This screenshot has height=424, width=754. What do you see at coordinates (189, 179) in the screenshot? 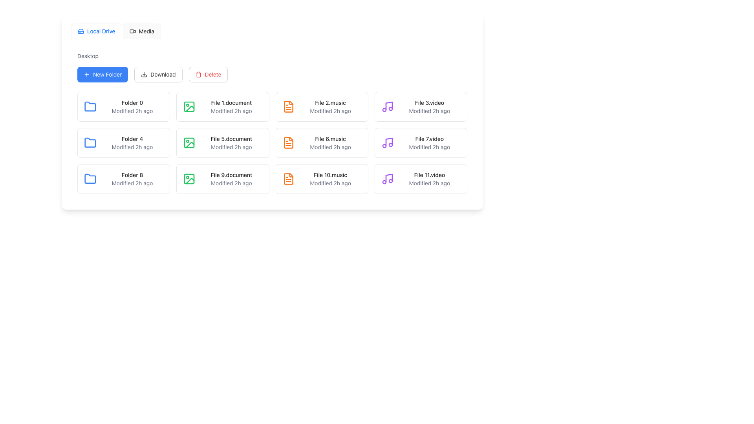
I see `the decorative graphic element, a rectangle with rounded edges, that is part of the SVG icon associated with 'File 9.document', located in the second row and third column of the file grid layout` at bounding box center [189, 179].